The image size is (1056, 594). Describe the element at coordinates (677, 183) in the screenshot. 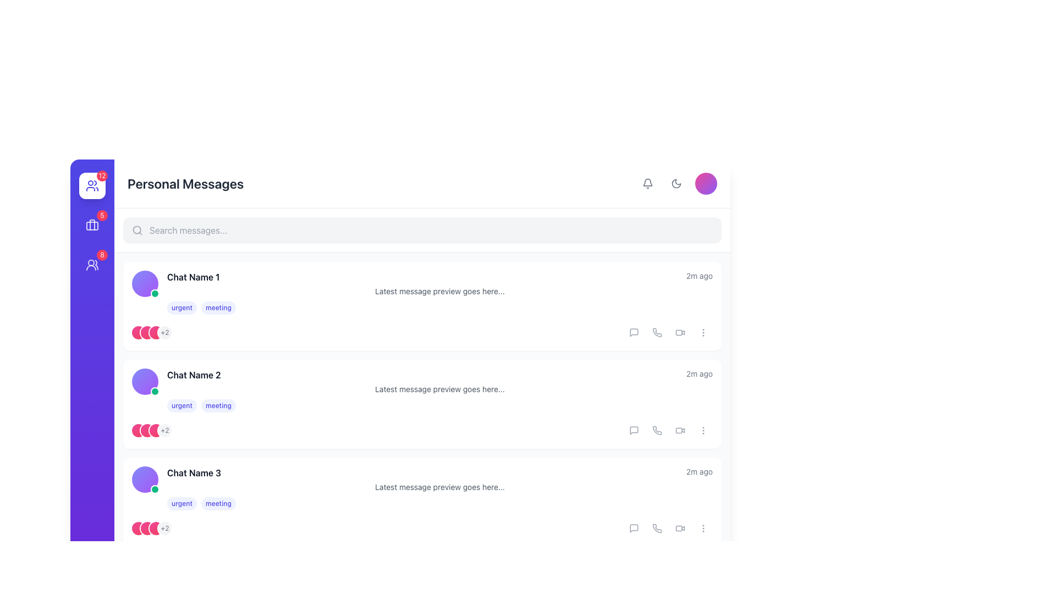

I see `the theme switcher icon button located in the top-right corner of the 'Personal Messages' section to potentially see a tooltip` at that location.